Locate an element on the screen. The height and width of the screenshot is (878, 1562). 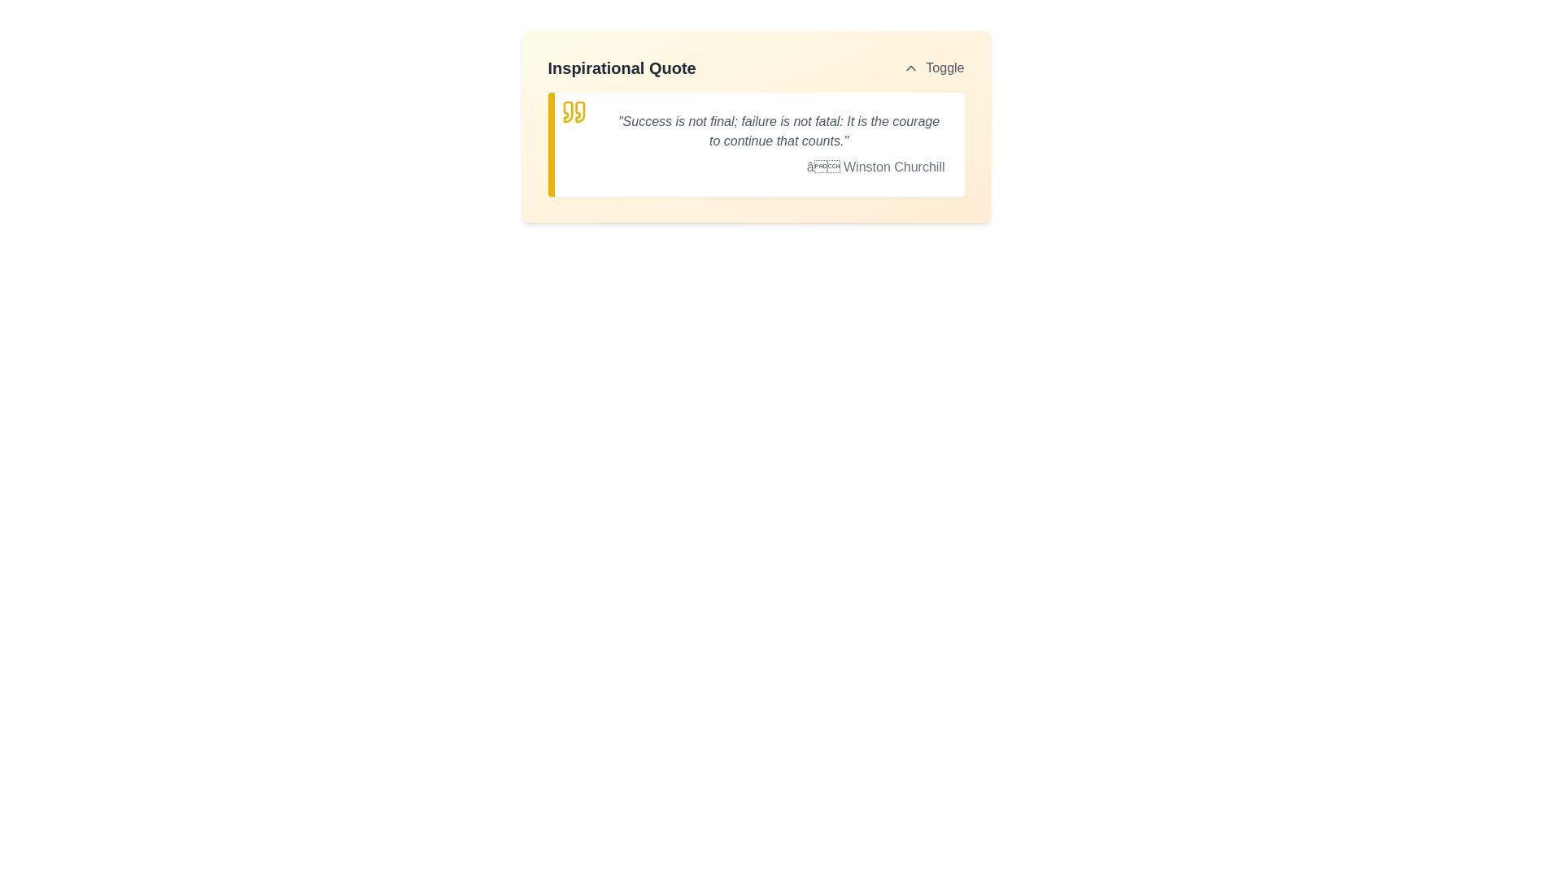
the inspirational quote text that provides motivational content to the user, which is positioned second from the left after the quote symbol is located at coordinates (758, 131).